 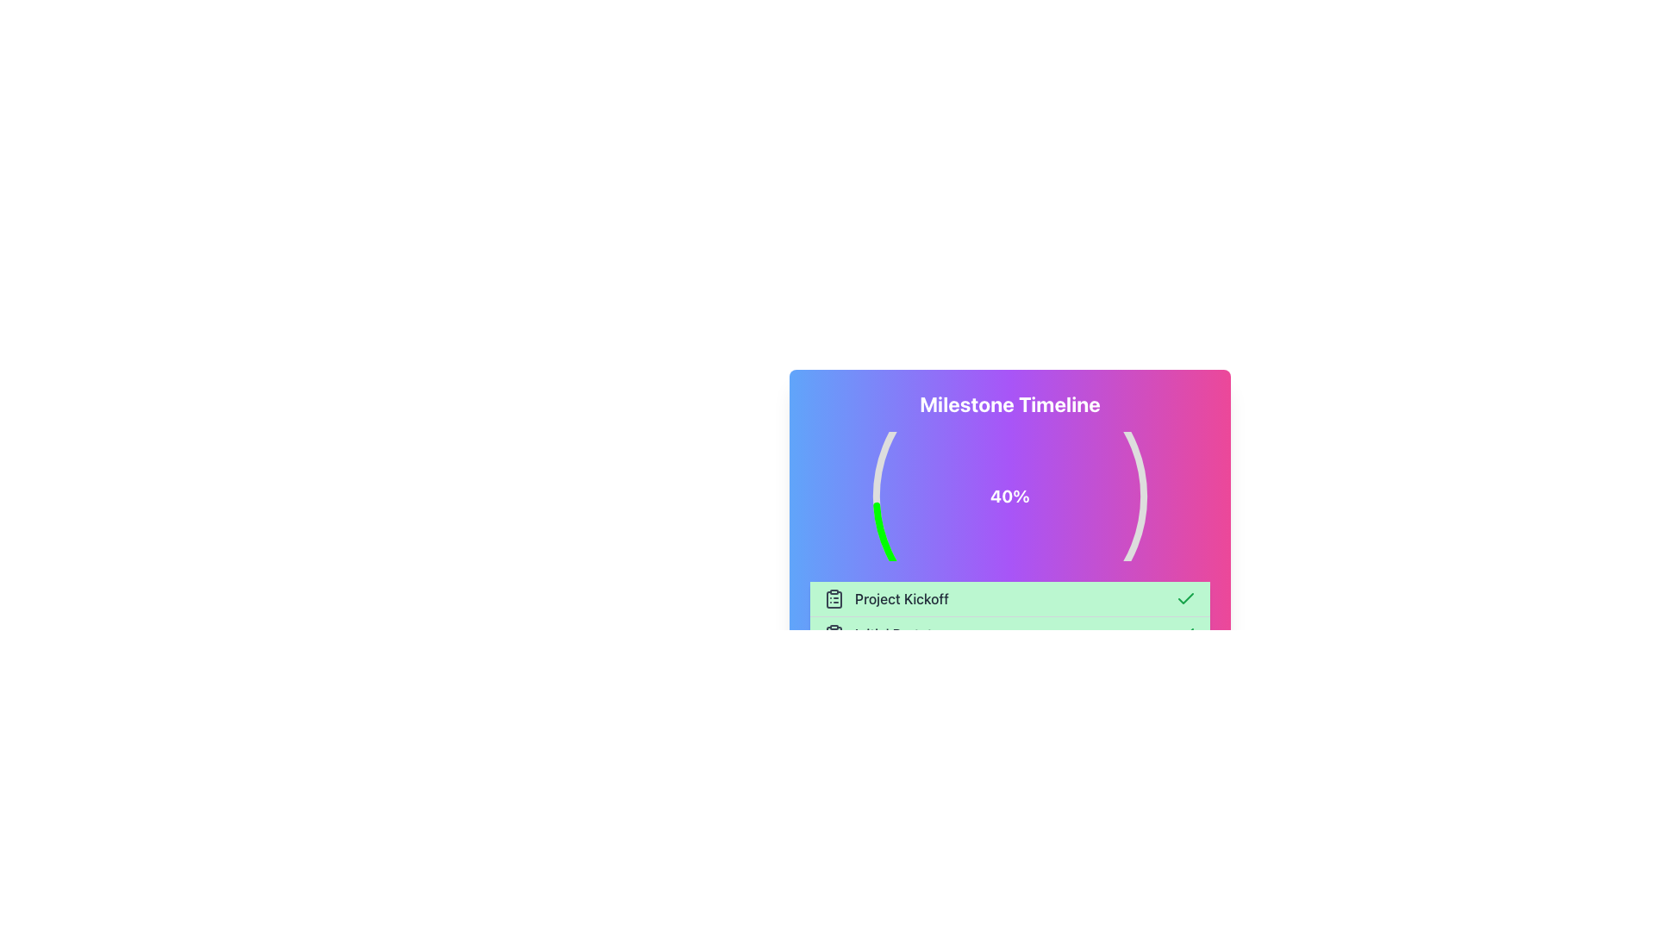 What do you see at coordinates (1009, 496) in the screenshot?
I see `the text label displaying '40%' in bold white font located at the center of the circular progress visualization` at bounding box center [1009, 496].